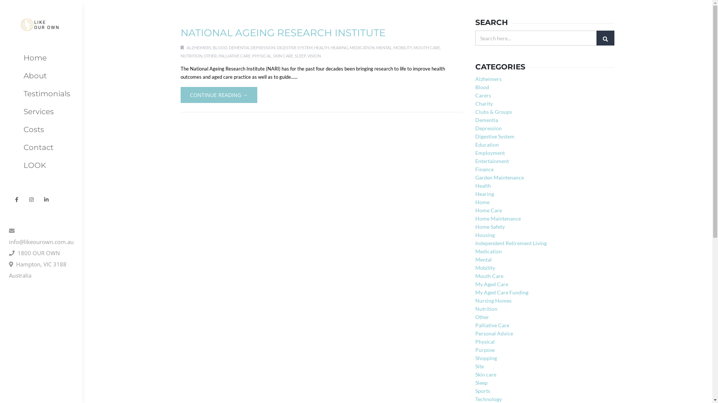 The image size is (718, 403). What do you see at coordinates (212, 47) in the screenshot?
I see `'BLOOD'` at bounding box center [212, 47].